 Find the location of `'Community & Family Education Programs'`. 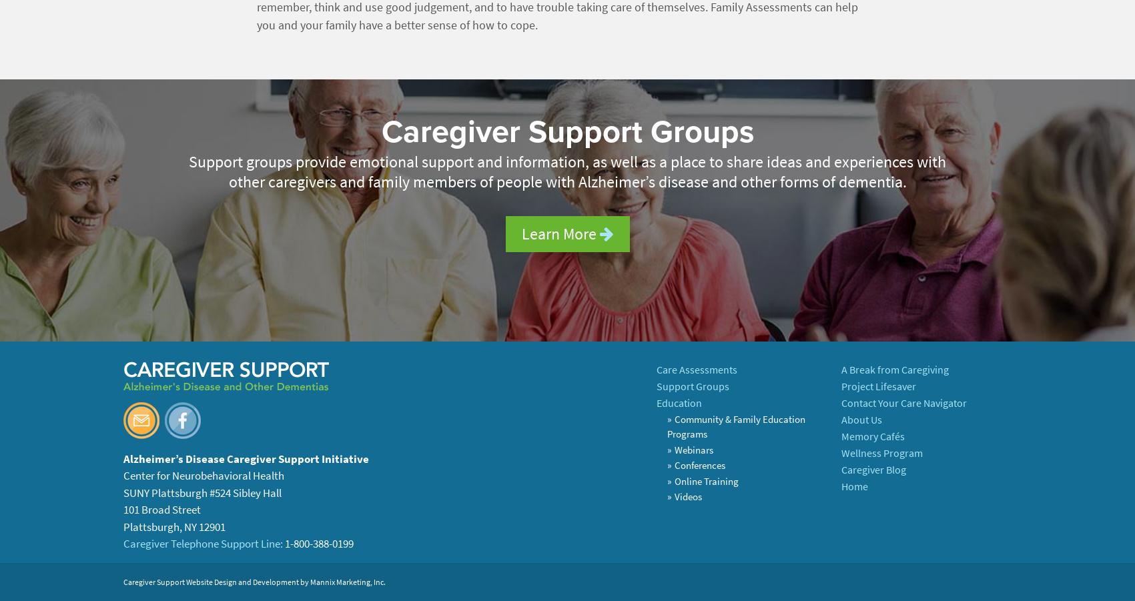

'Community & Family Education Programs' is located at coordinates (735, 426).